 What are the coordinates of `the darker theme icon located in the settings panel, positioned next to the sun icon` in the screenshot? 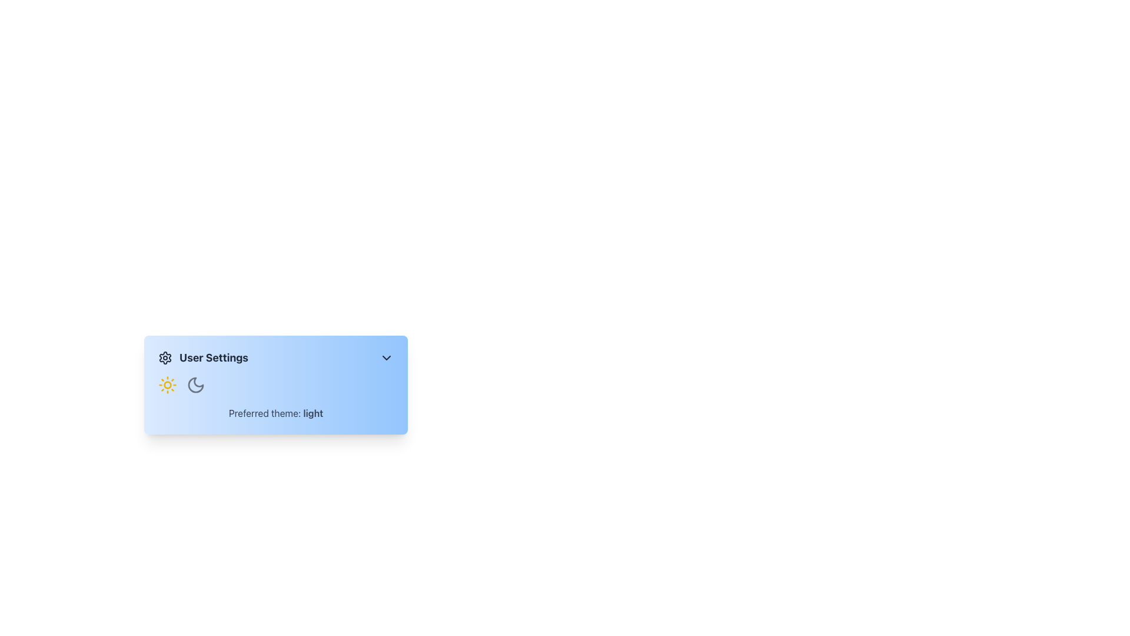 It's located at (195, 385).